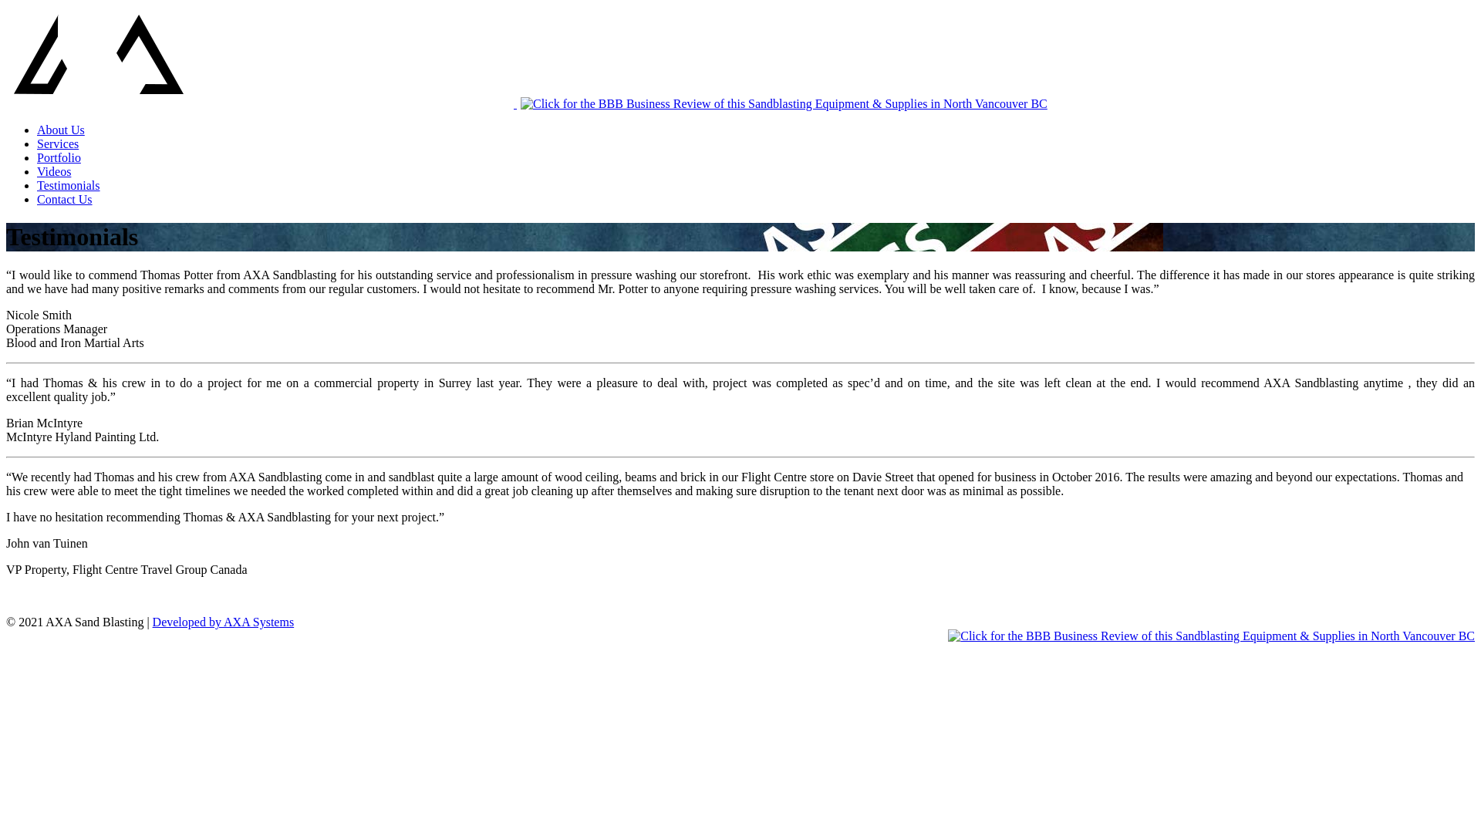 The height and width of the screenshot is (833, 1481). I want to click on 'Contact Us', so click(37, 198).